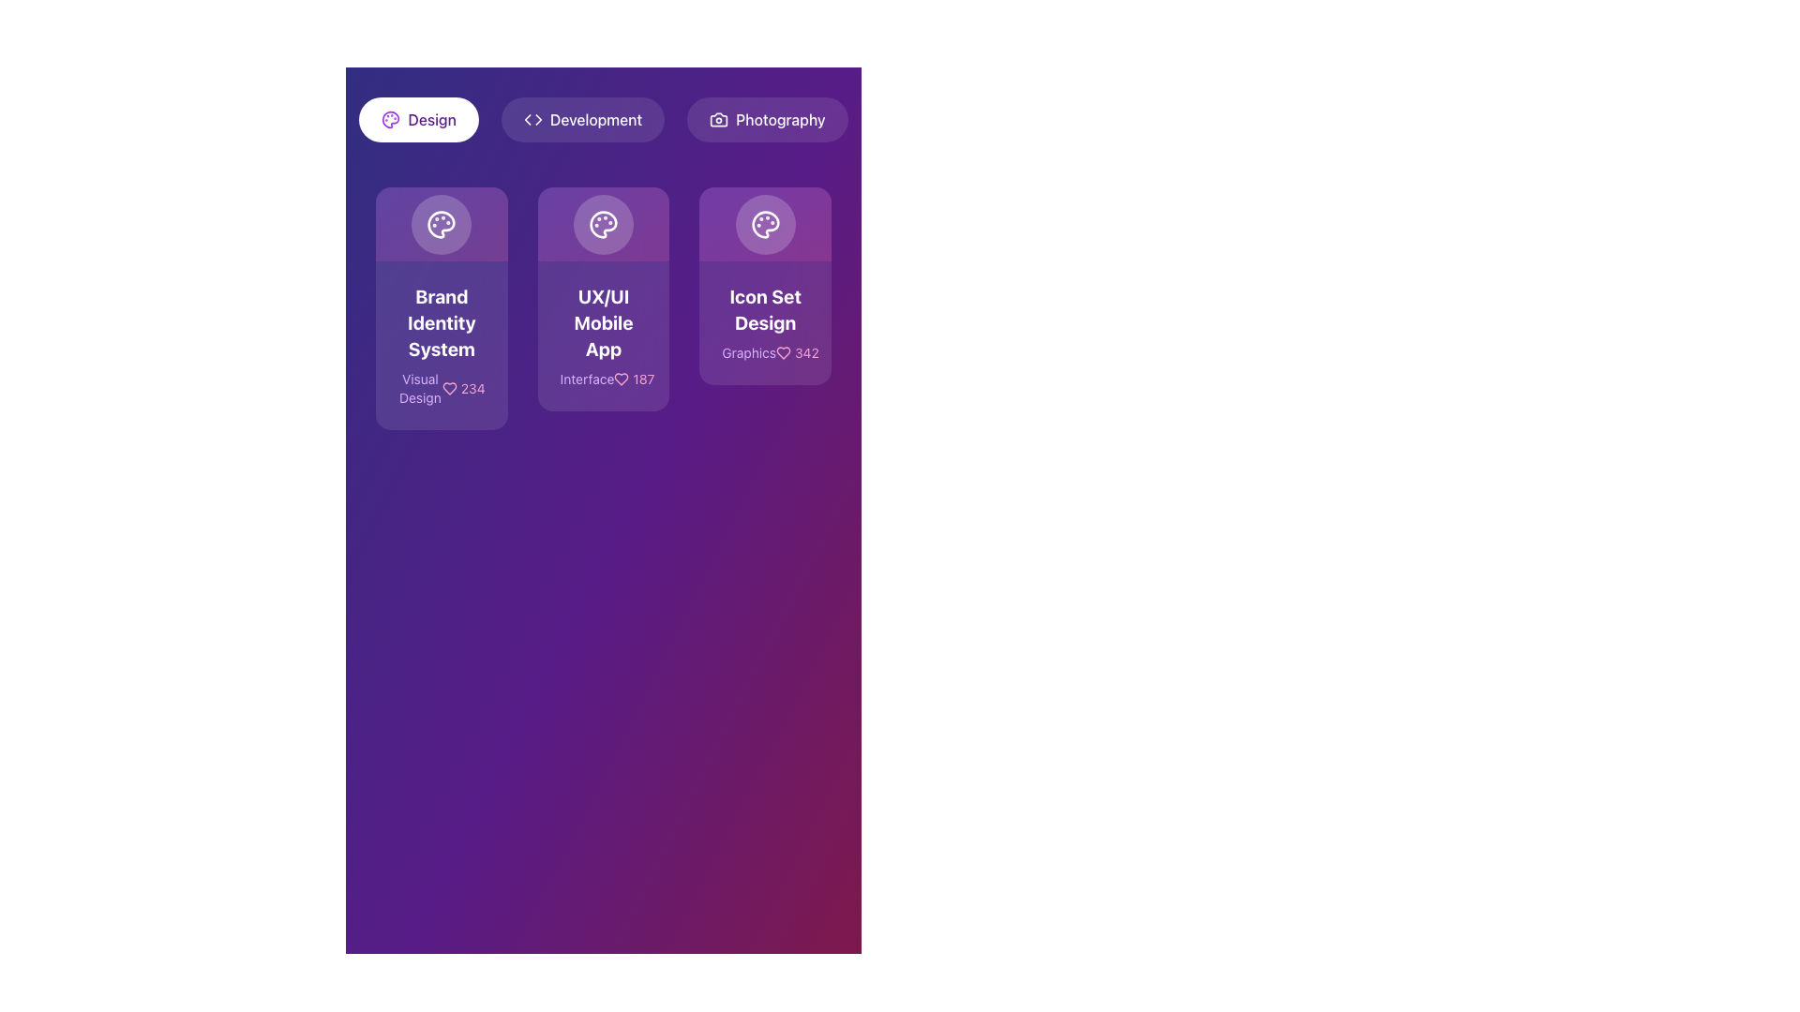  What do you see at coordinates (765, 223) in the screenshot?
I see `the Icon Button representing 'Icon Set Design' located in the top-right section of the main content area, part of the card in the third column of a three-column layout` at bounding box center [765, 223].